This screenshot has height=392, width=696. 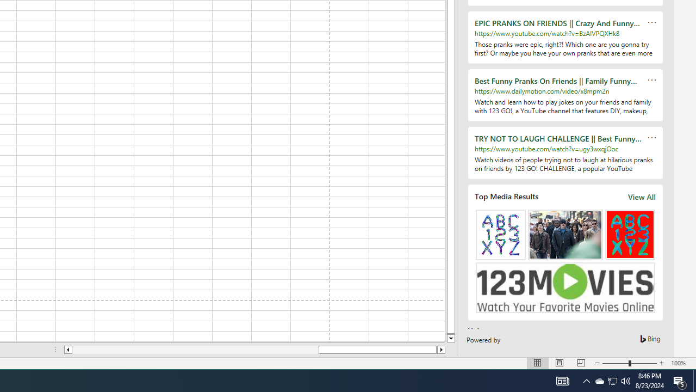 I want to click on 'AutomationID: 4105', so click(x=562, y=380).